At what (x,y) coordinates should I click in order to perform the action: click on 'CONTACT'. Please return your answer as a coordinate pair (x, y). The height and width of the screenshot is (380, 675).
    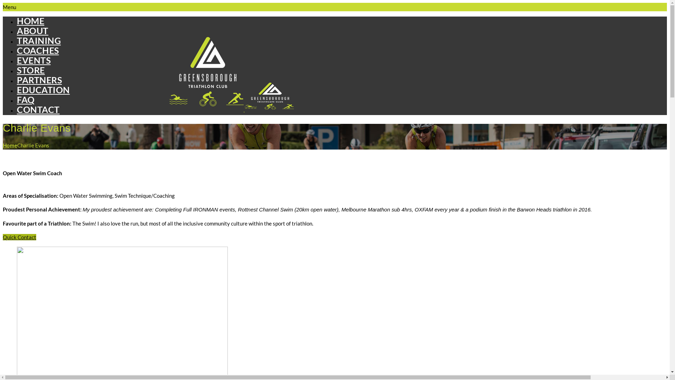
    Looking at the image, I should click on (17, 109).